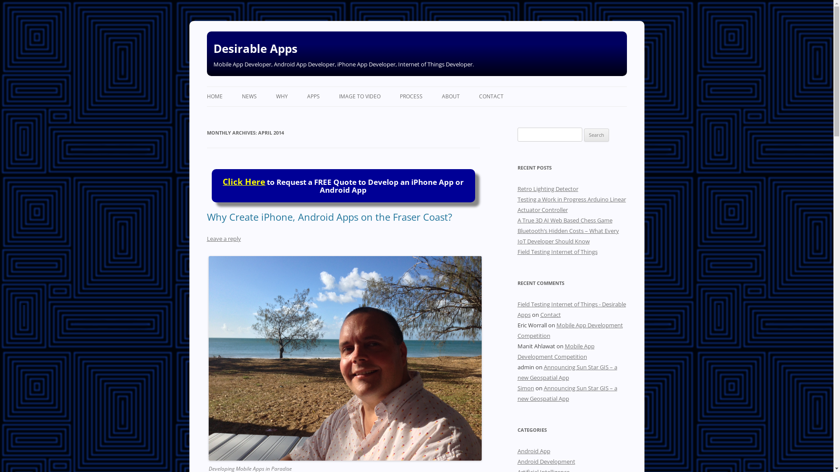 This screenshot has height=472, width=840. I want to click on 'Simon', so click(525, 387).